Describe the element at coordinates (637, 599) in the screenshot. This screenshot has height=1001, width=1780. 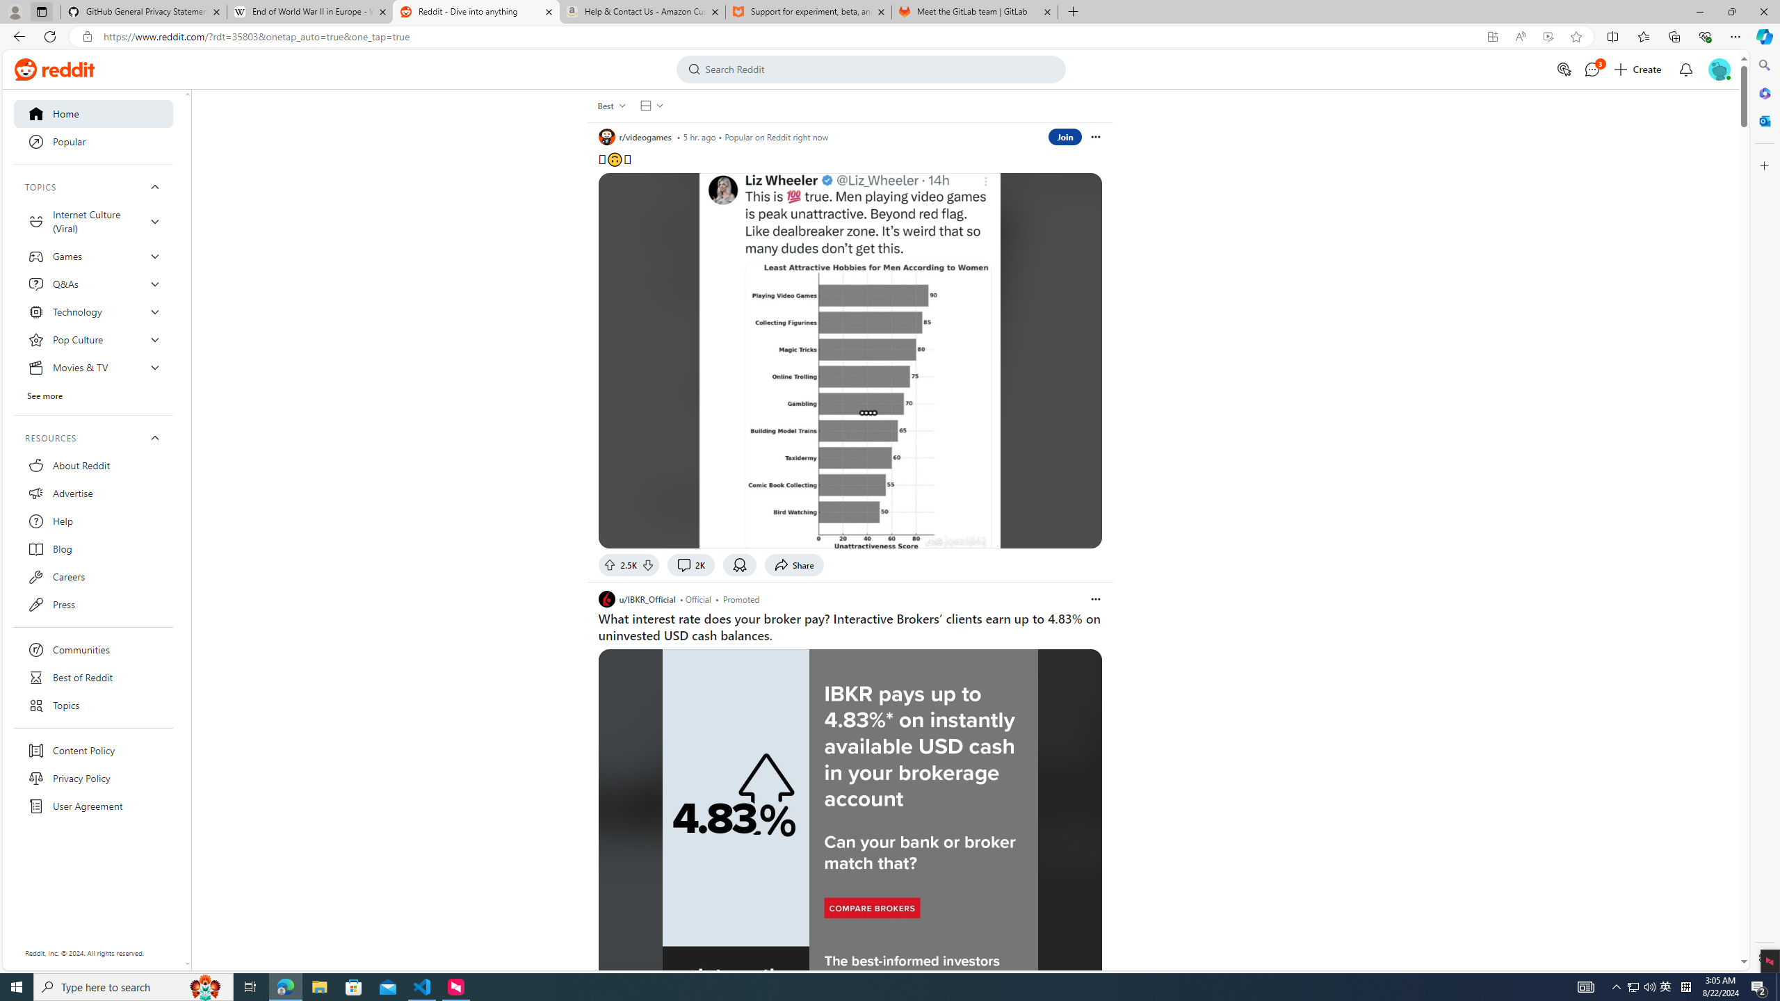
I see `'u/IBKR_Official avatar u/IBKR_Official'` at that location.